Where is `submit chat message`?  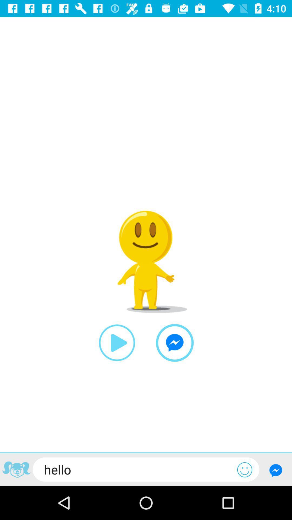 submit chat message is located at coordinates (276, 470).